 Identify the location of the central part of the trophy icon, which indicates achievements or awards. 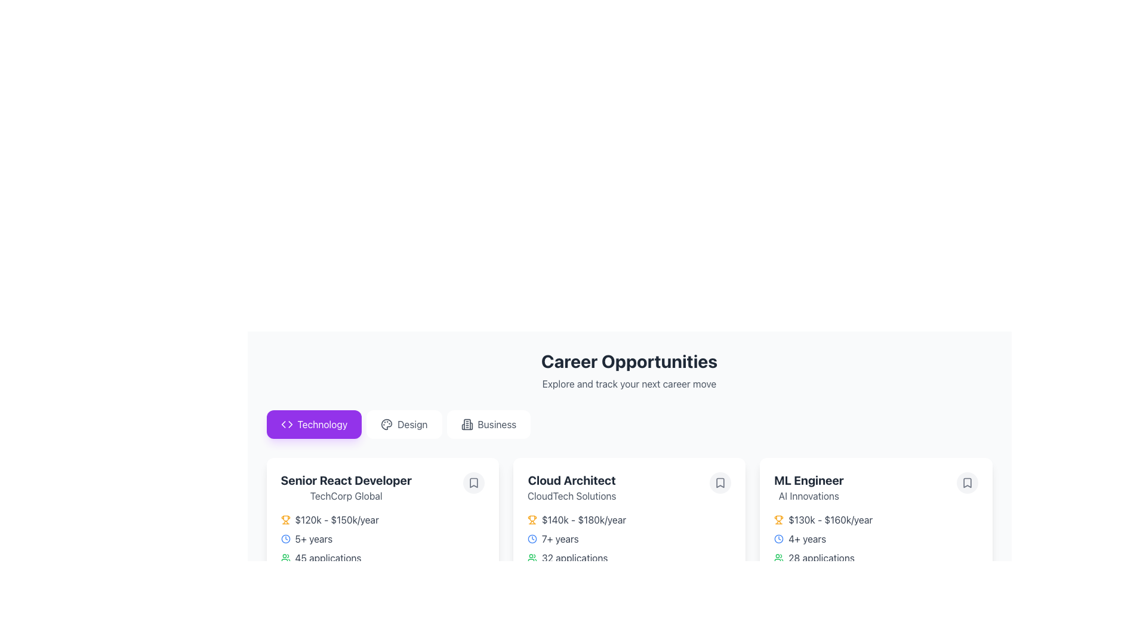
(285, 518).